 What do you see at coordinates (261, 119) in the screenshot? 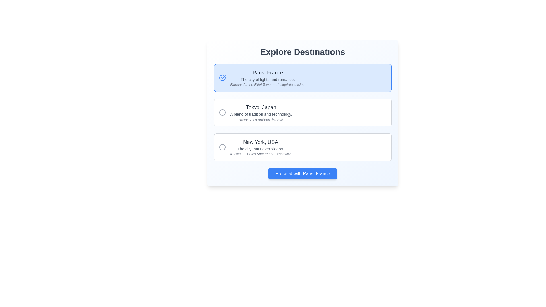
I see `the static text element that provides descriptive information about the location 'Tokyo, Japan', which is positioned beneath the text 'A blend of tradition and technology.'` at bounding box center [261, 119].